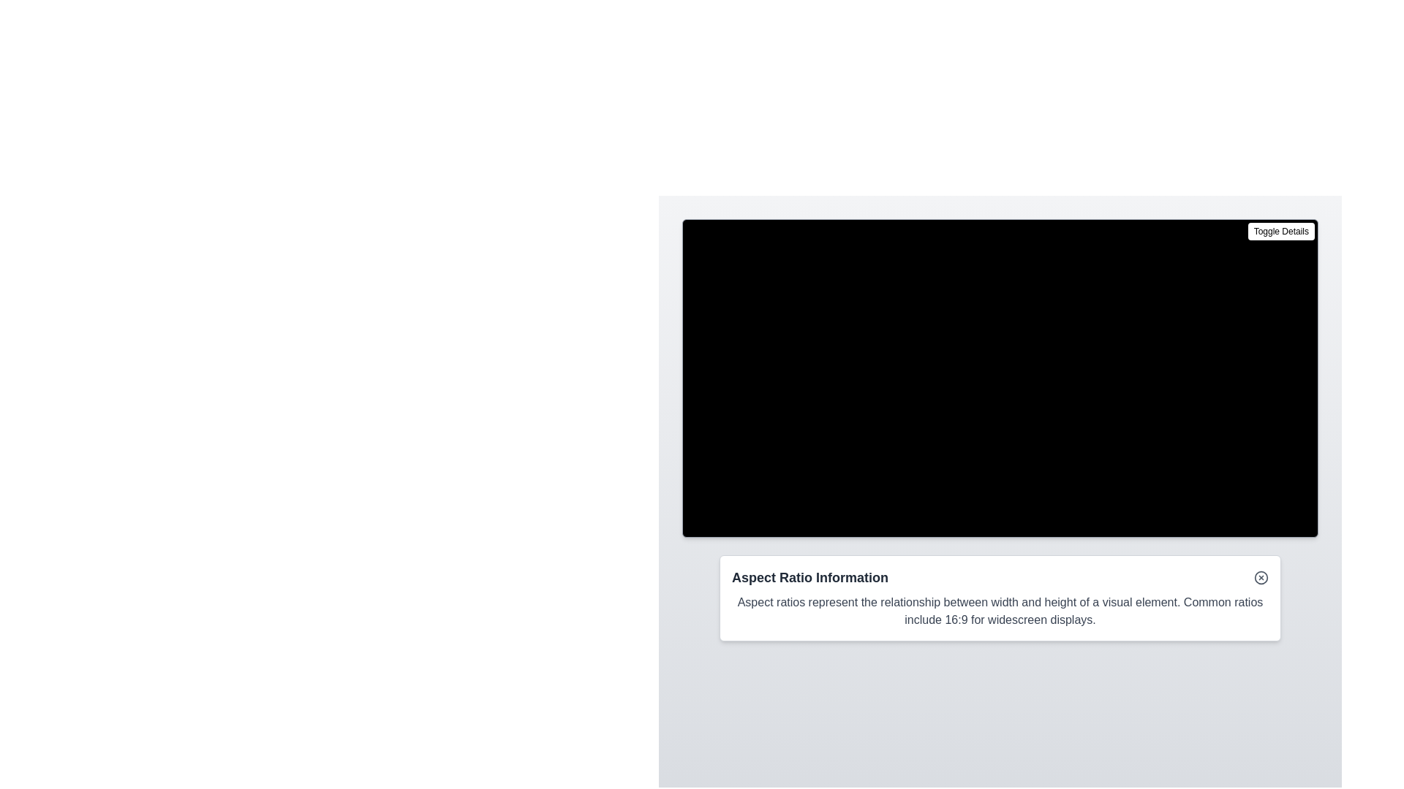  What do you see at coordinates (1000, 377) in the screenshot?
I see `to seek through the video timeline in the video player interface, which is identified by the placeholder message 'Your browser does not support the video tag.'` at bounding box center [1000, 377].